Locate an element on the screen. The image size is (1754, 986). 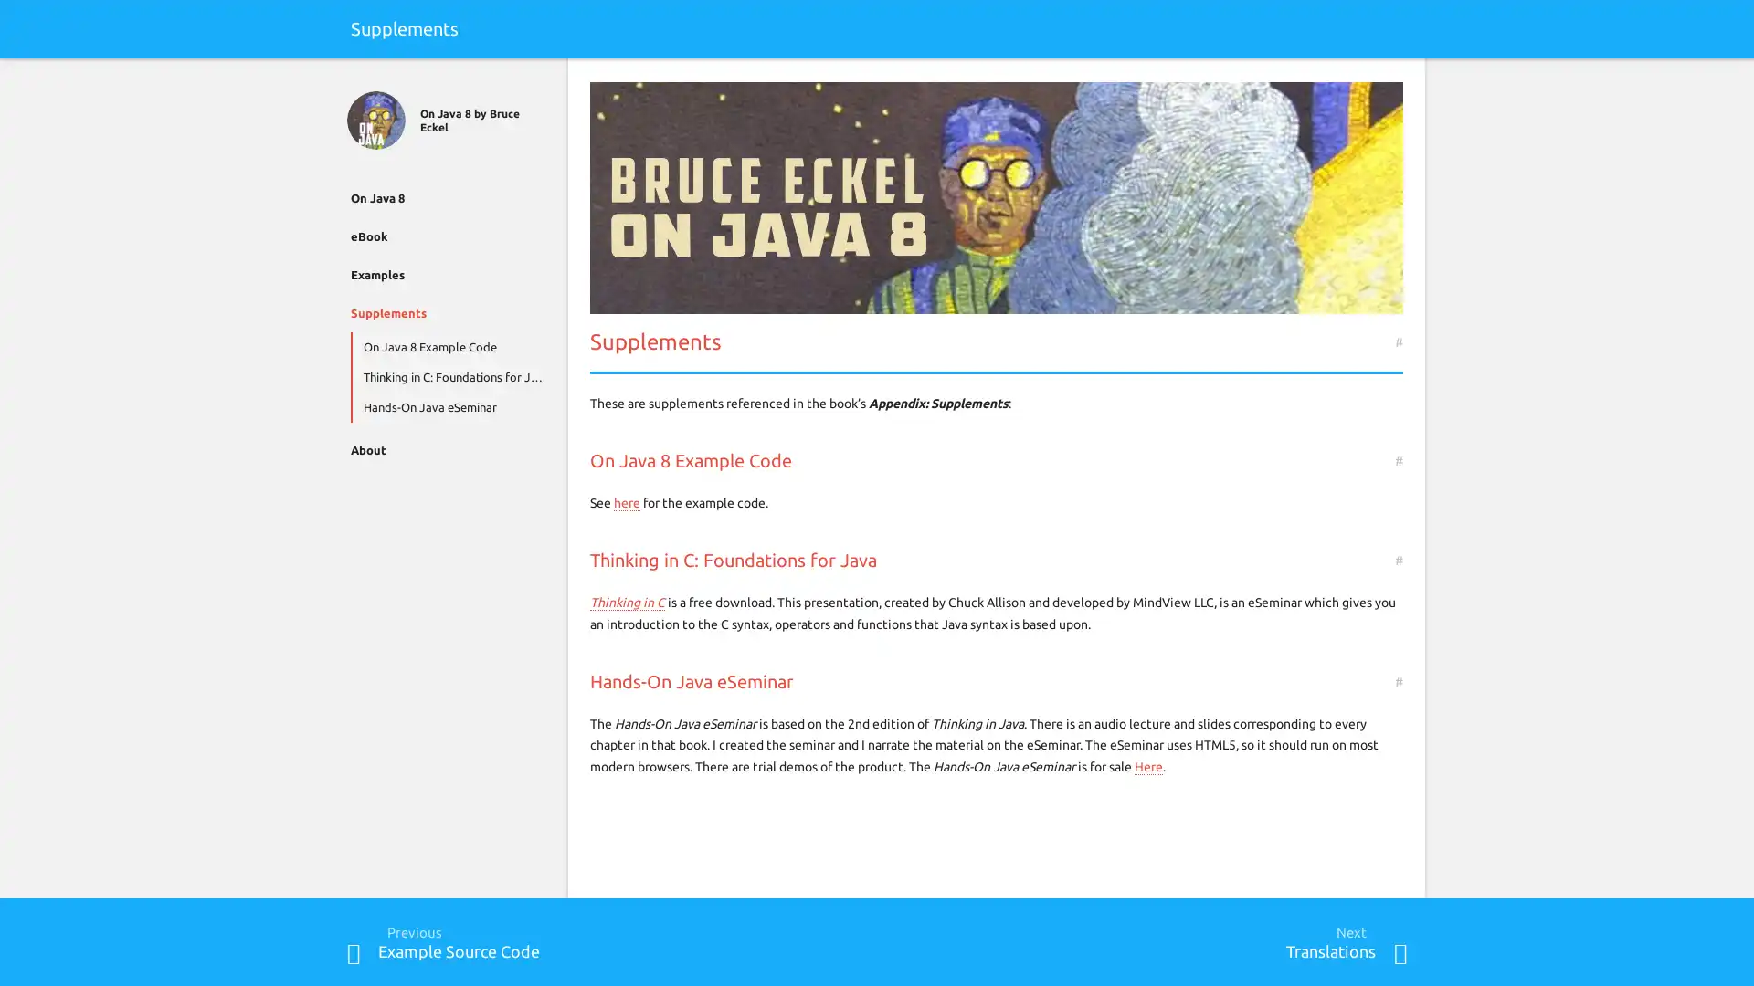
Close is located at coordinates (354, 79).